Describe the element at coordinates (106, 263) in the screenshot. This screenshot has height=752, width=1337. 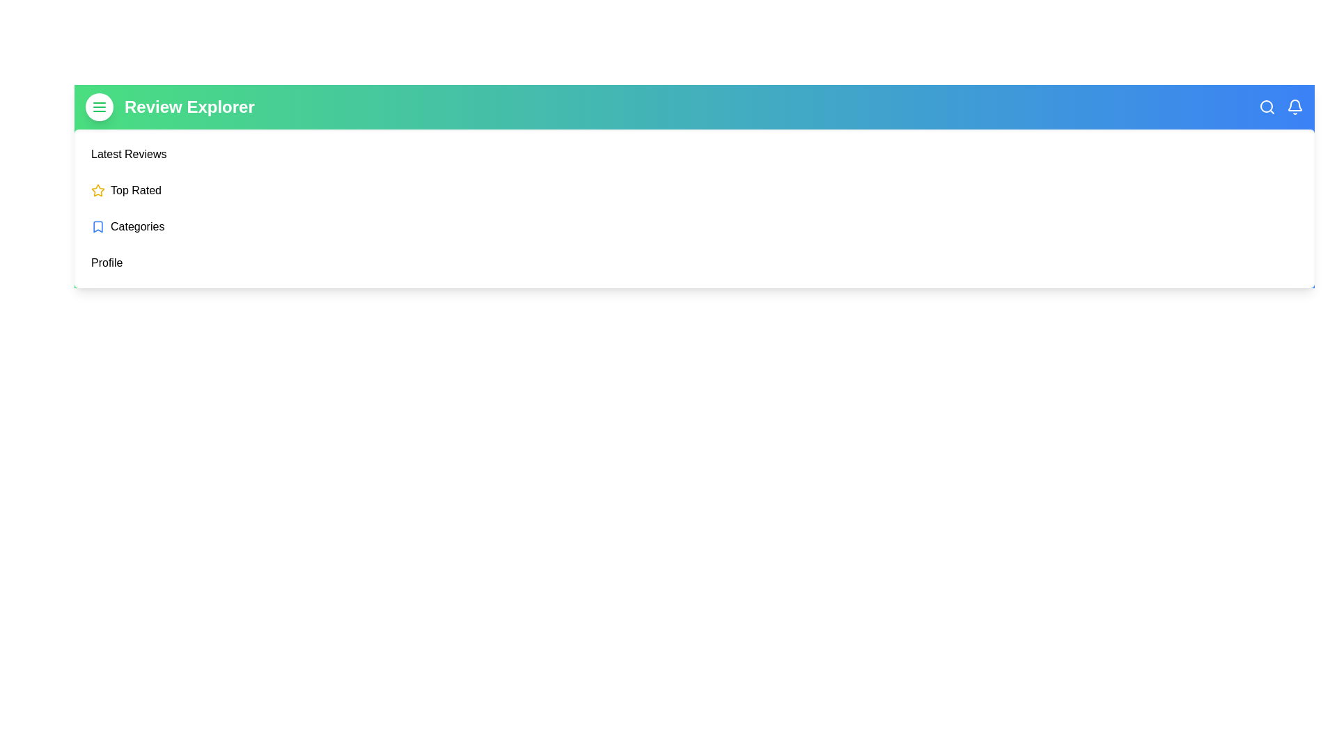
I see `the menu item corresponding to Profile to navigate to that section` at that location.